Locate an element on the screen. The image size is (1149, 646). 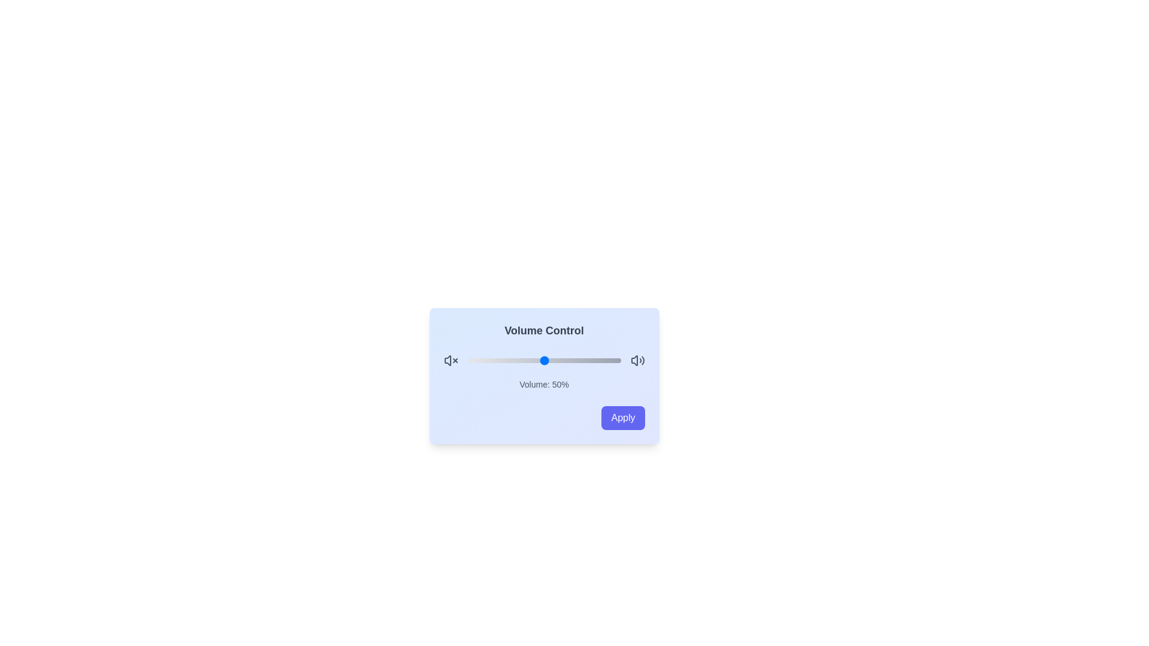
the mute icon on the left of the slider is located at coordinates (450, 359).